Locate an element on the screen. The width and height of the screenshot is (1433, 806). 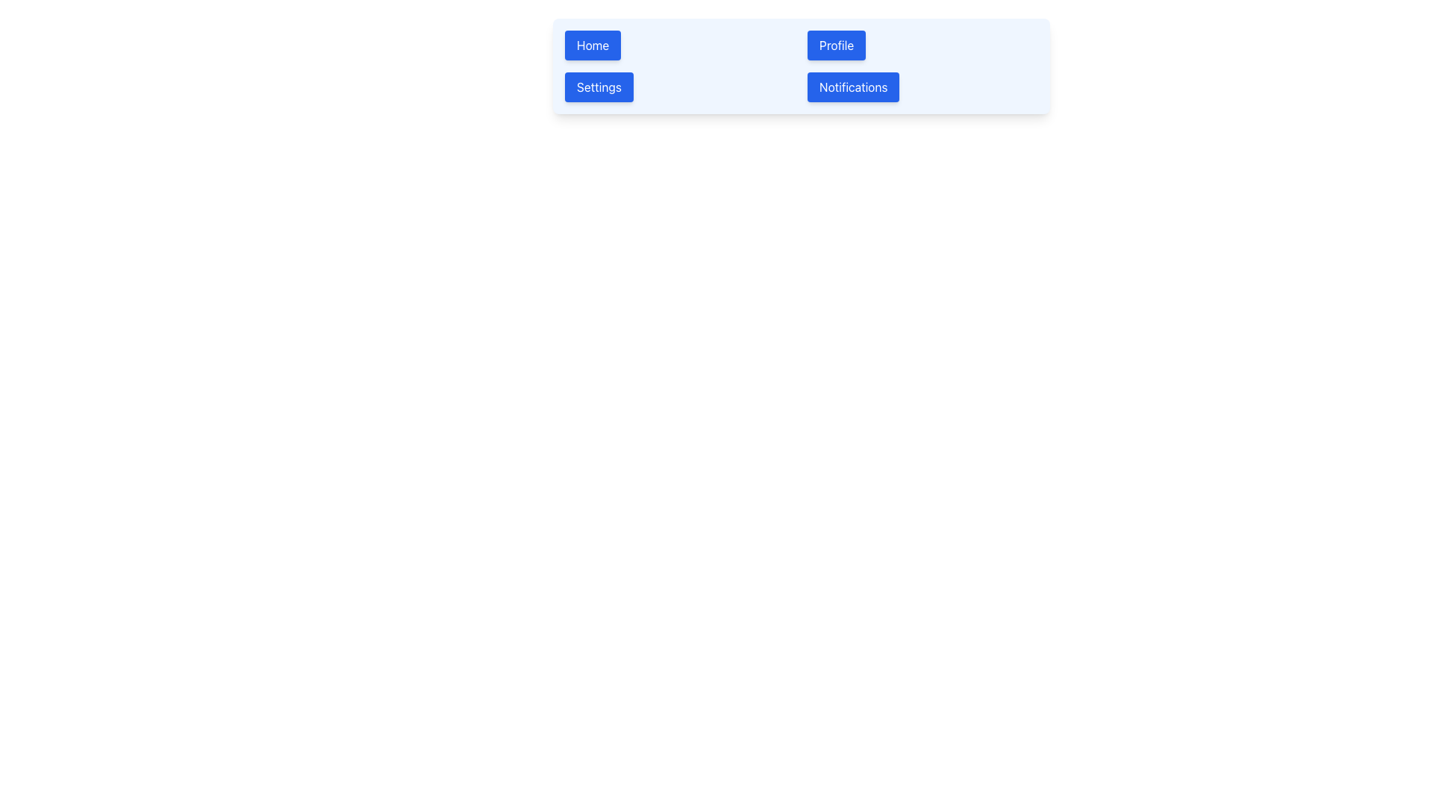
the 'Settings' button, which is a rectangular button with a blue background and white text, located on the horizontal navigation bar, second from the left is located at coordinates (599, 87).